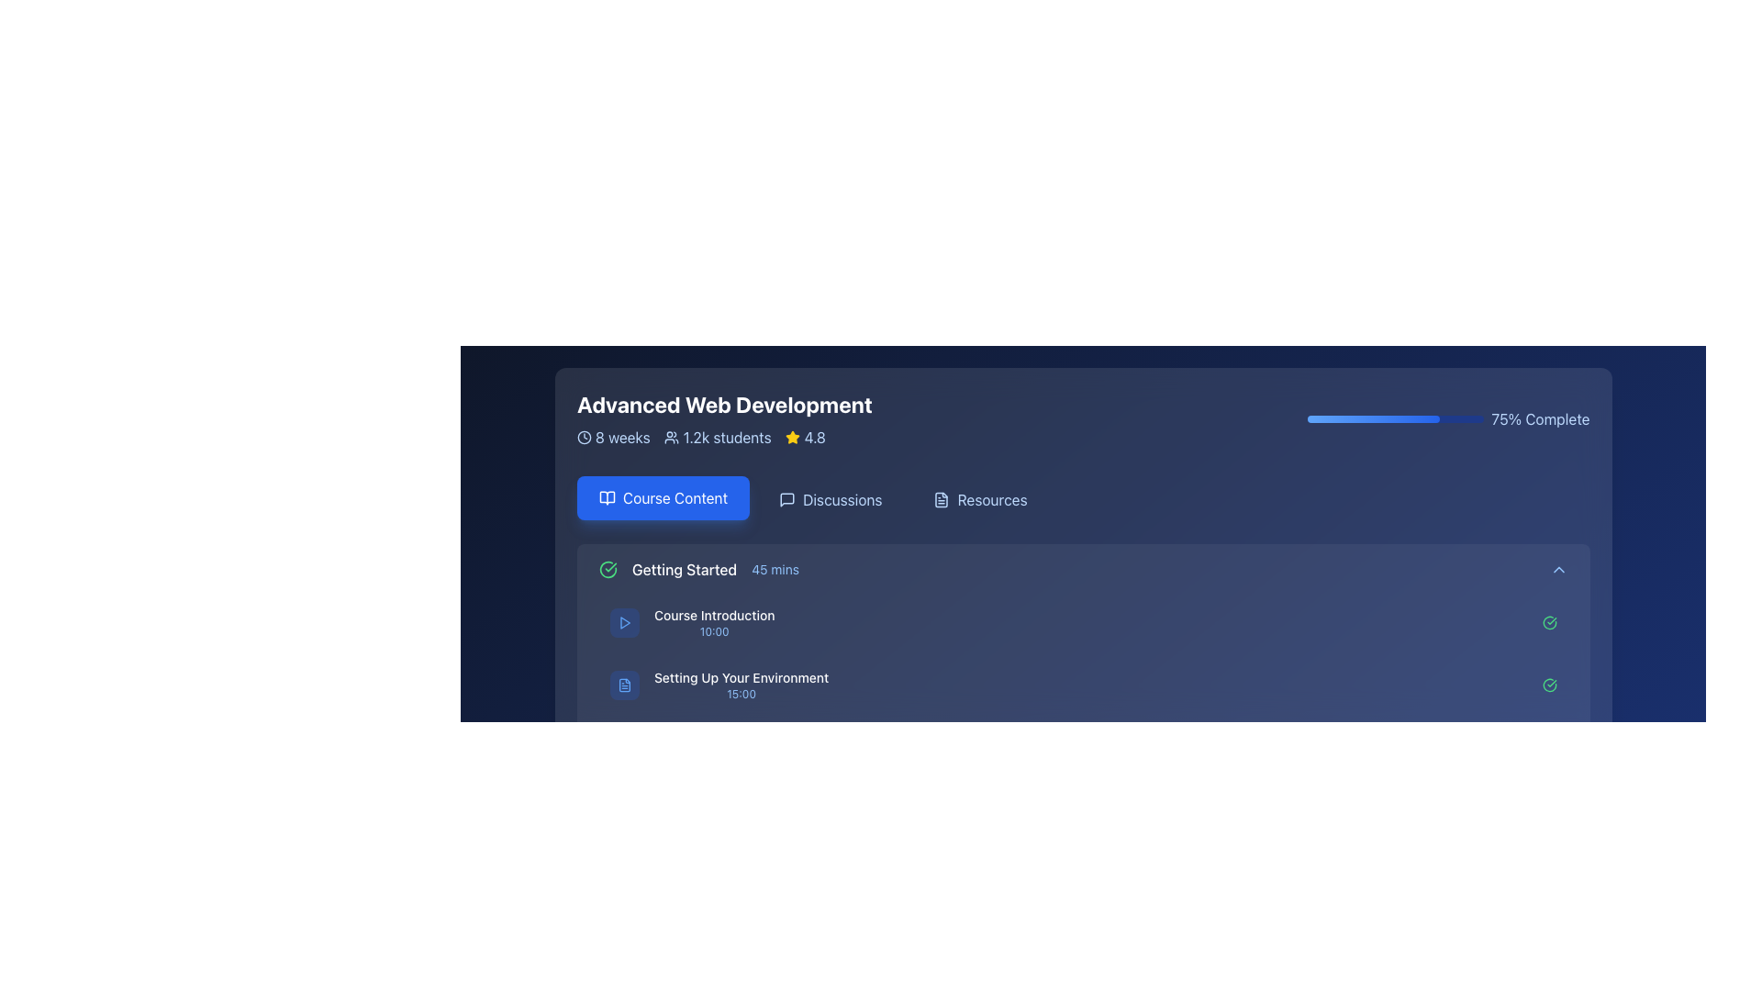 The width and height of the screenshot is (1762, 991). I want to click on the play icon located to the left of the 'Course Introduction' text in the 'Getting Started' section of the 'Course Content' tab to initiate the media playback, so click(625, 621).